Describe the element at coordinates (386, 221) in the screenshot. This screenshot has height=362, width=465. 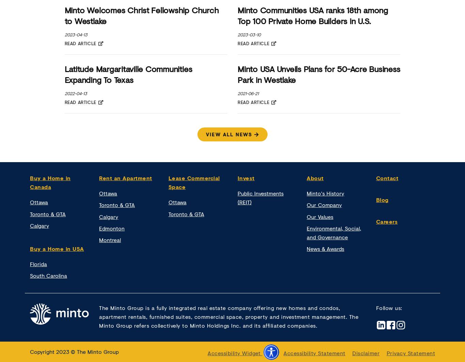
I see `'Careers'` at that location.